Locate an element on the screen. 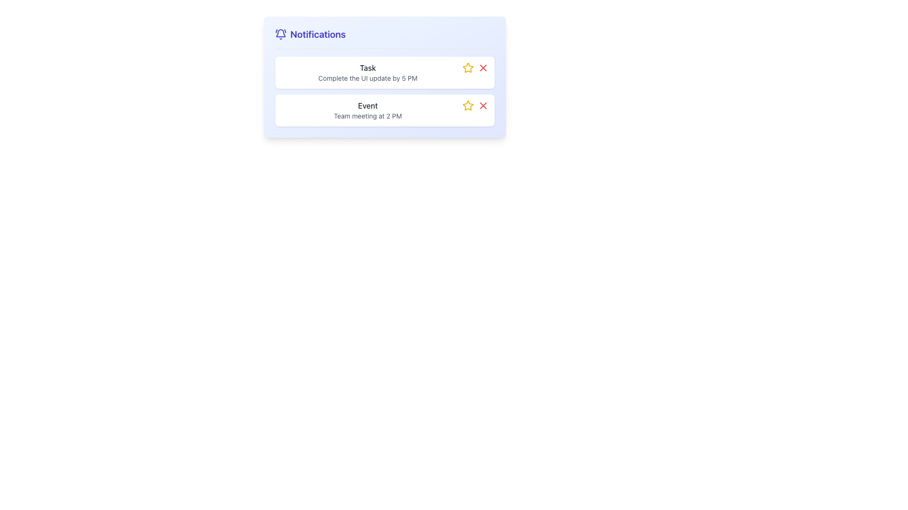 The width and height of the screenshot is (908, 510). text from the 'Task' notification label that contains 'Task' in bold and 'Complete the UI update by 5 PM' in regular font is located at coordinates (367, 72).